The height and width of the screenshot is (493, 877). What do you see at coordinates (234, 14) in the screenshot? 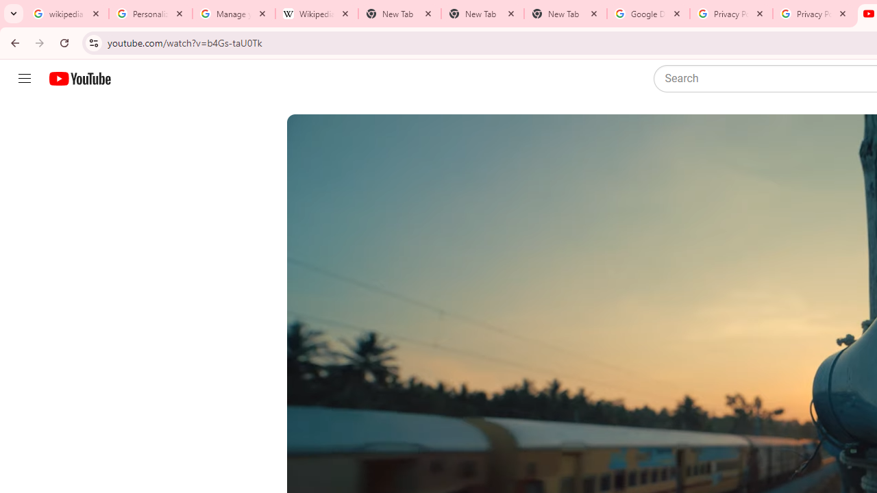
I see `'Manage your Location History - Google Search Help'` at bounding box center [234, 14].